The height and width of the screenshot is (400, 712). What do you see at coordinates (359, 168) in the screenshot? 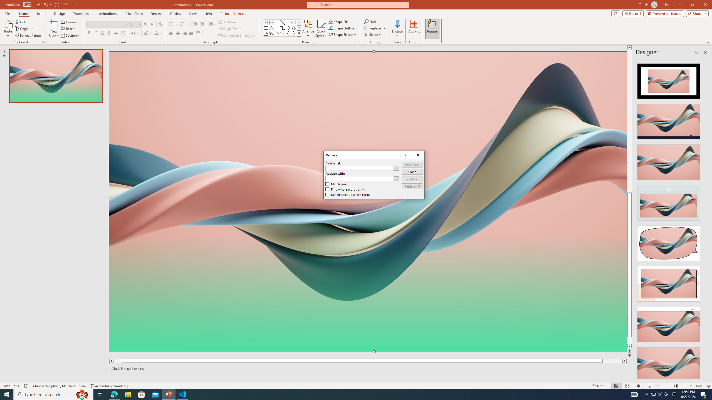
I see `'Find what'` at bounding box center [359, 168].